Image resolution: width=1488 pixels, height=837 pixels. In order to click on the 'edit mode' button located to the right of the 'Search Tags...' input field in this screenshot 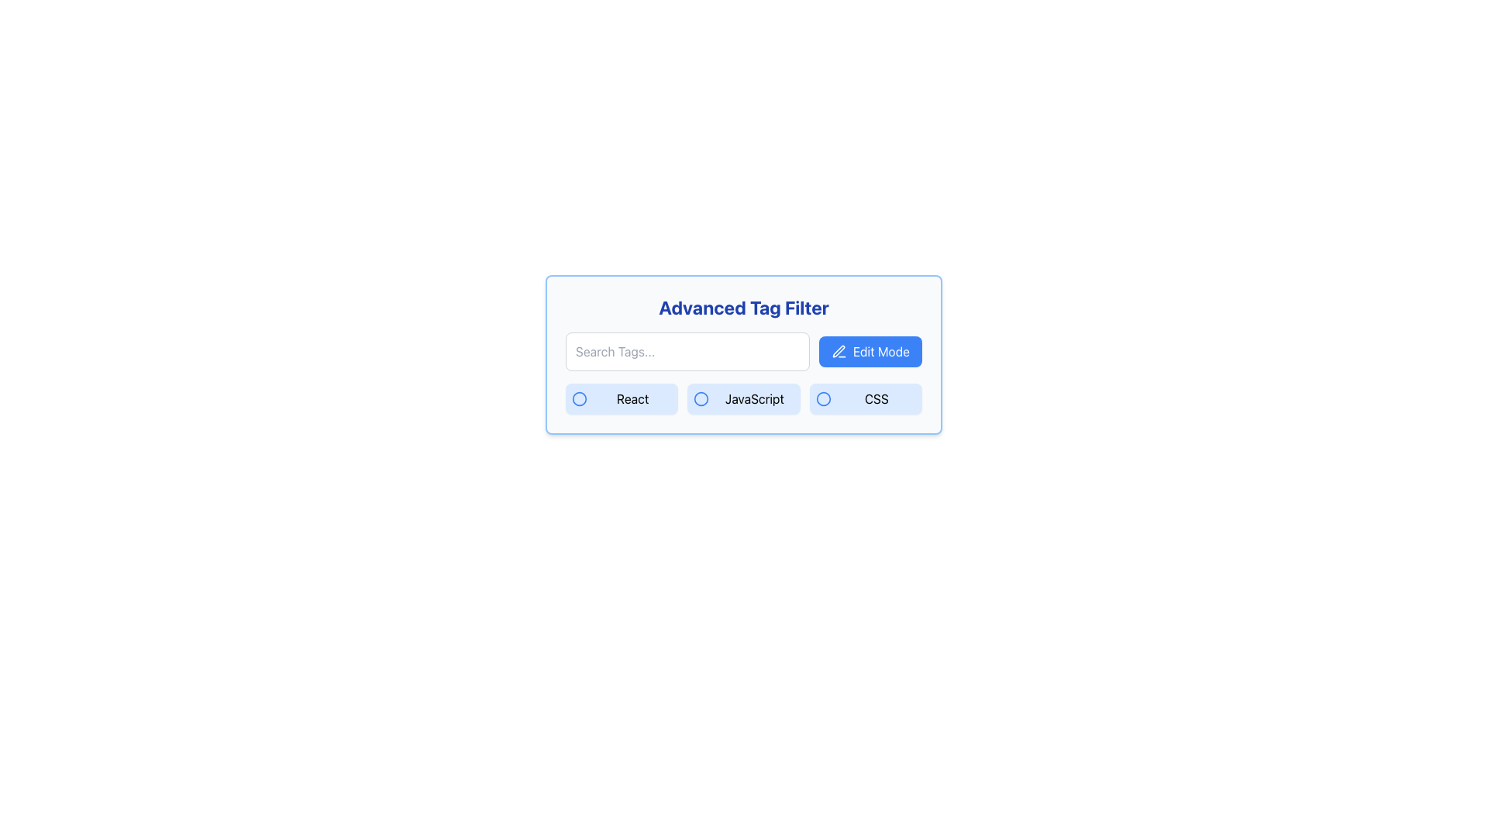, I will do `click(870, 352)`.